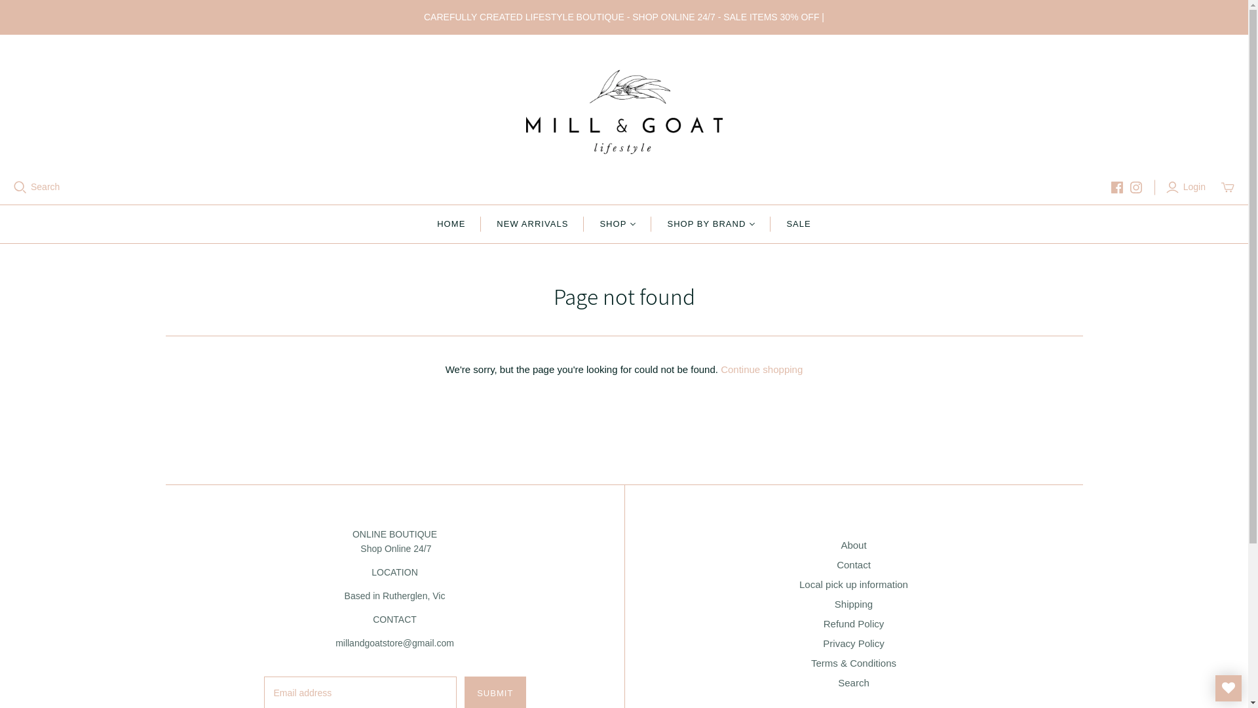  What do you see at coordinates (853, 604) in the screenshot?
I see `'Shipping'` at bounding box center [853, 604].